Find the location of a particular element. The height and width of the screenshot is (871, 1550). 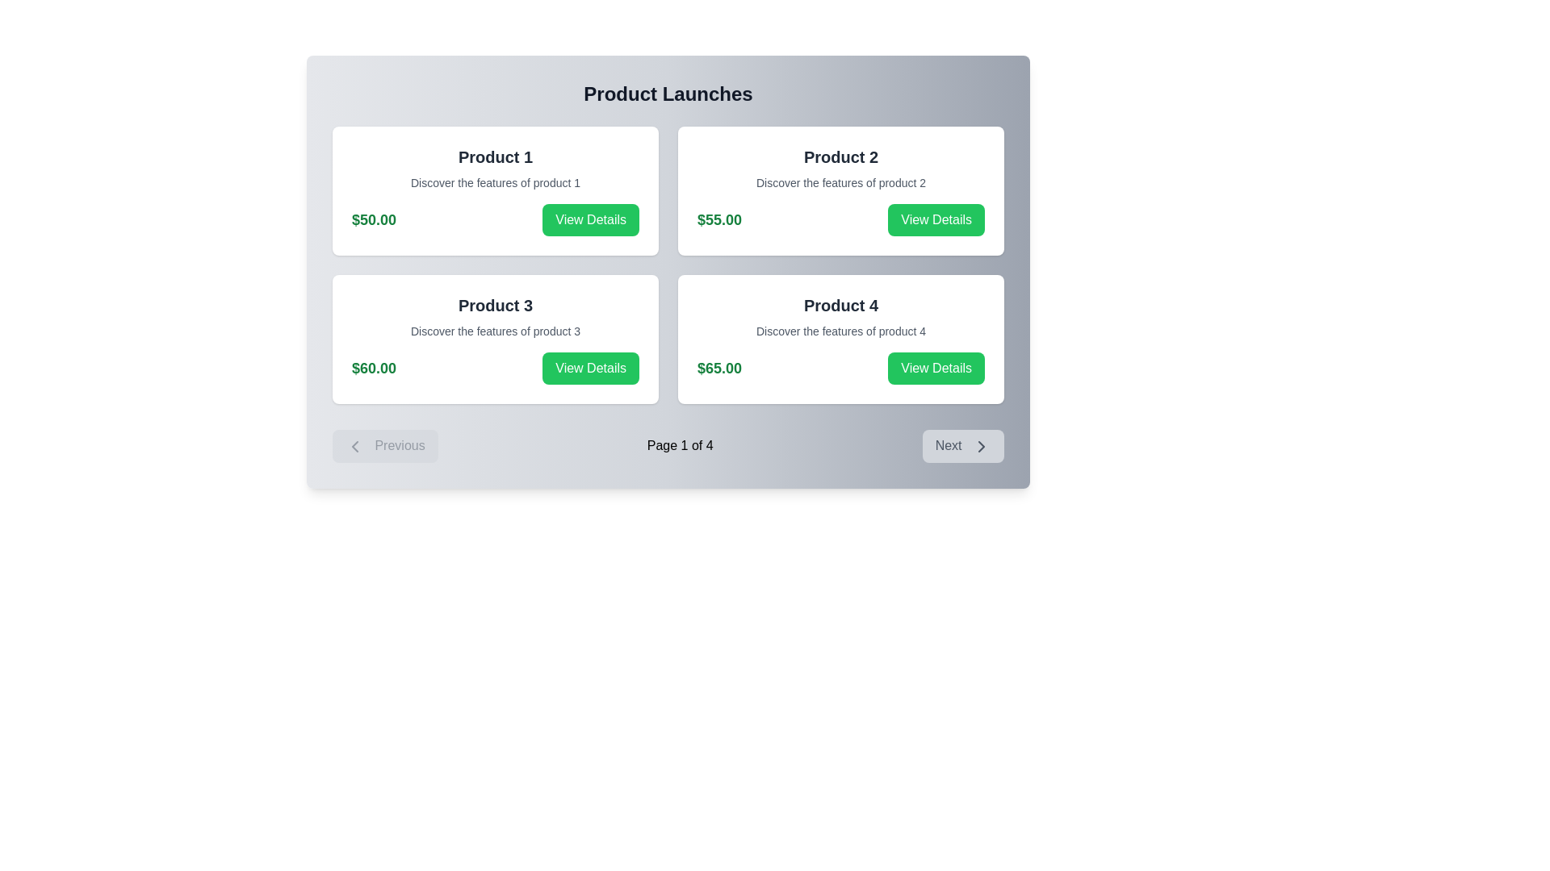

the right-facing chevron arrow icon within the SVG element is located at coordinates (980, 445).